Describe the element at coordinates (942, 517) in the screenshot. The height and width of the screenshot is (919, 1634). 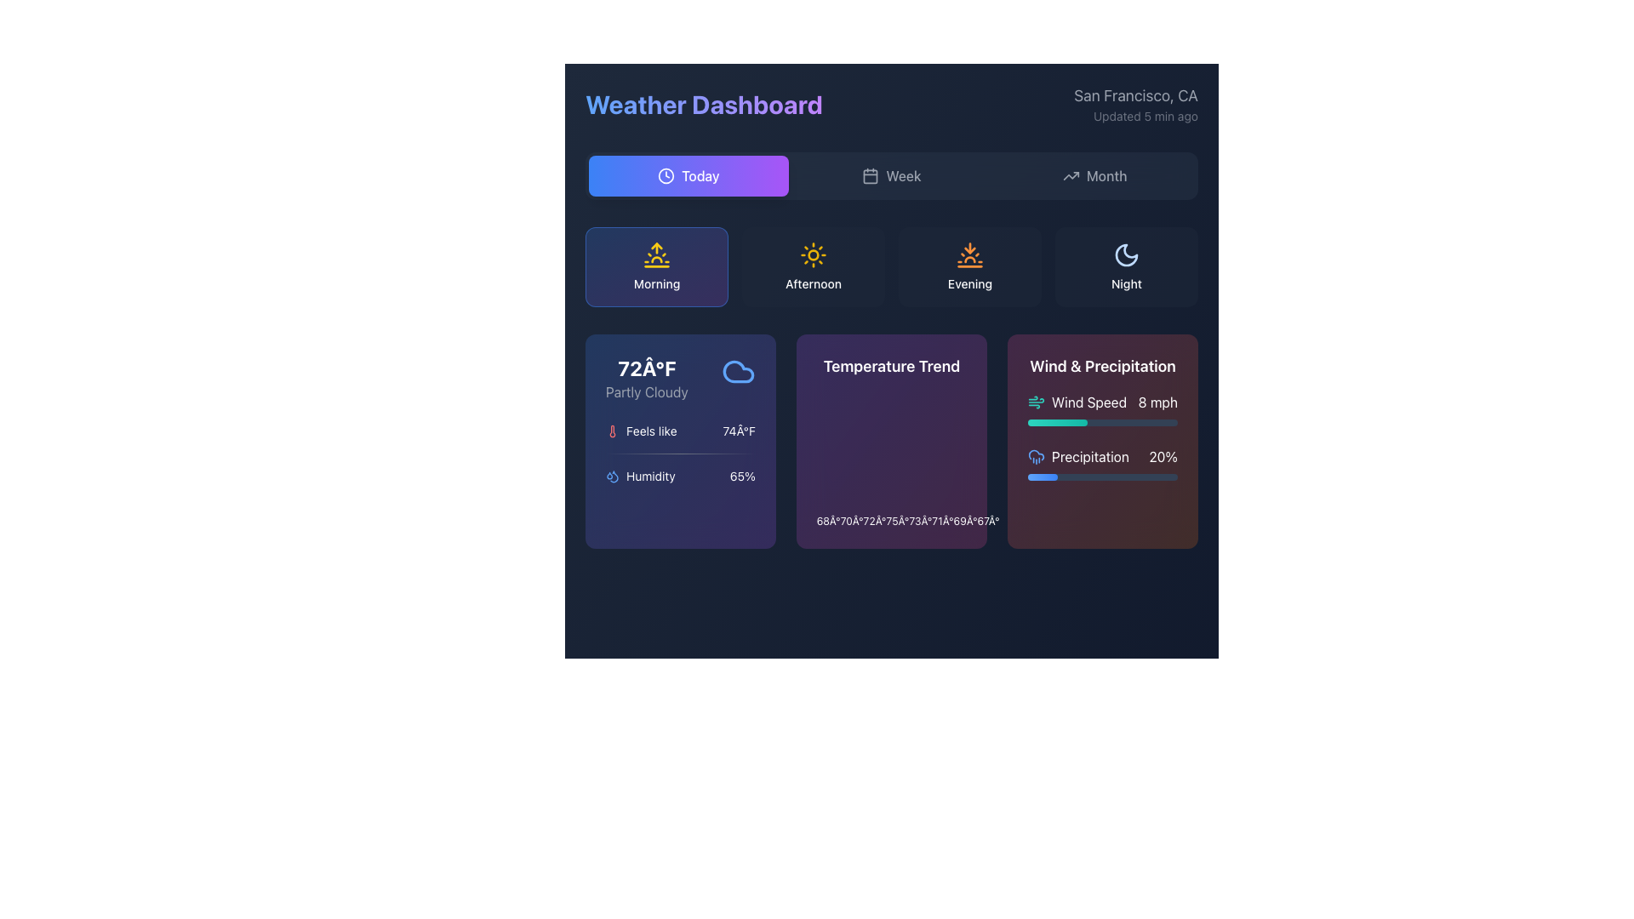
I see `associated text label of the graphical data point representation, which is the sixth bar from the left in the temperature trend chart, positioned between the bars representing '73°' and '69°'` at that location.